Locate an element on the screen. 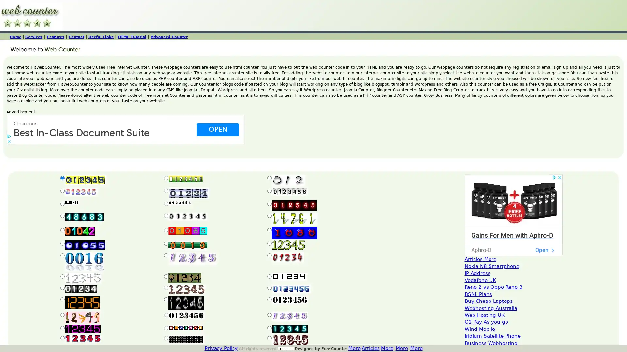  Submit is located at coordinates (294, 218).